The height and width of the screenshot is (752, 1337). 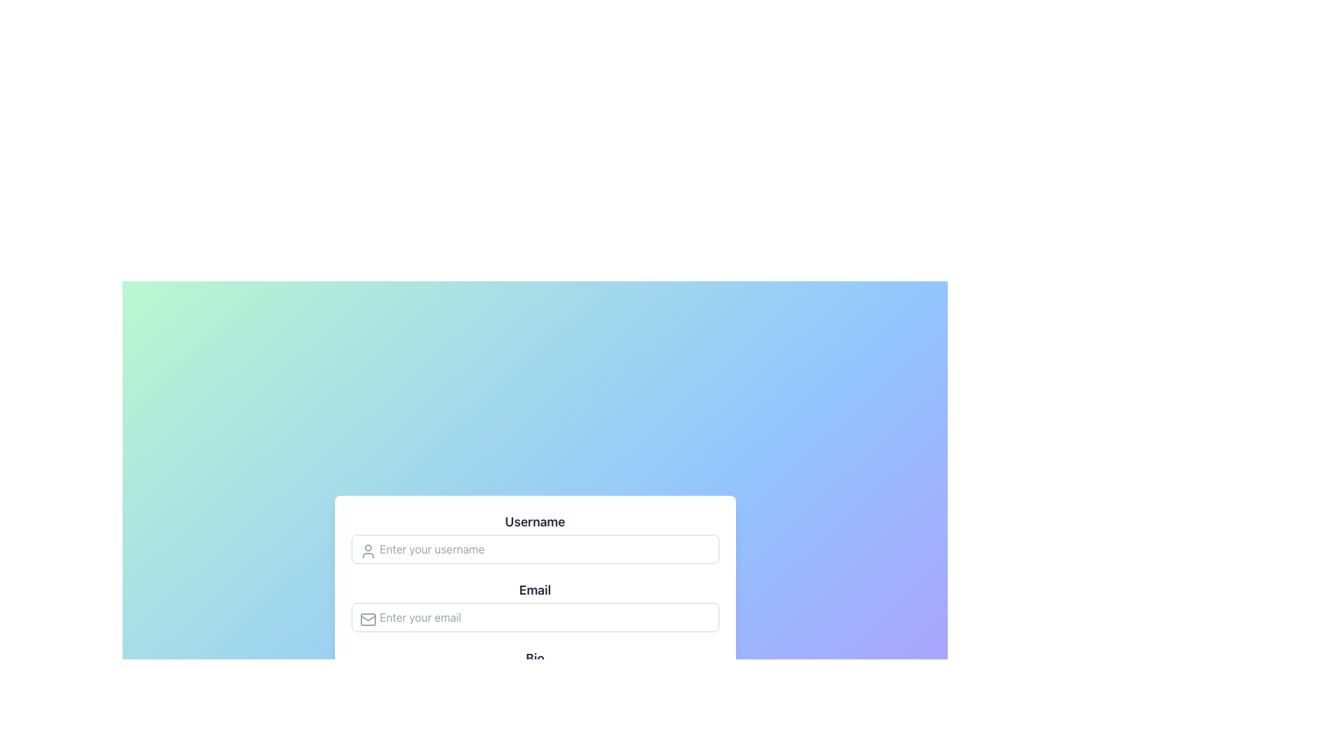 What do you see at coordinates (368, 619) in the screenshot?
I see `the envelope icon located on the left-hand side of the email input field` at bounding box center [368, 619].